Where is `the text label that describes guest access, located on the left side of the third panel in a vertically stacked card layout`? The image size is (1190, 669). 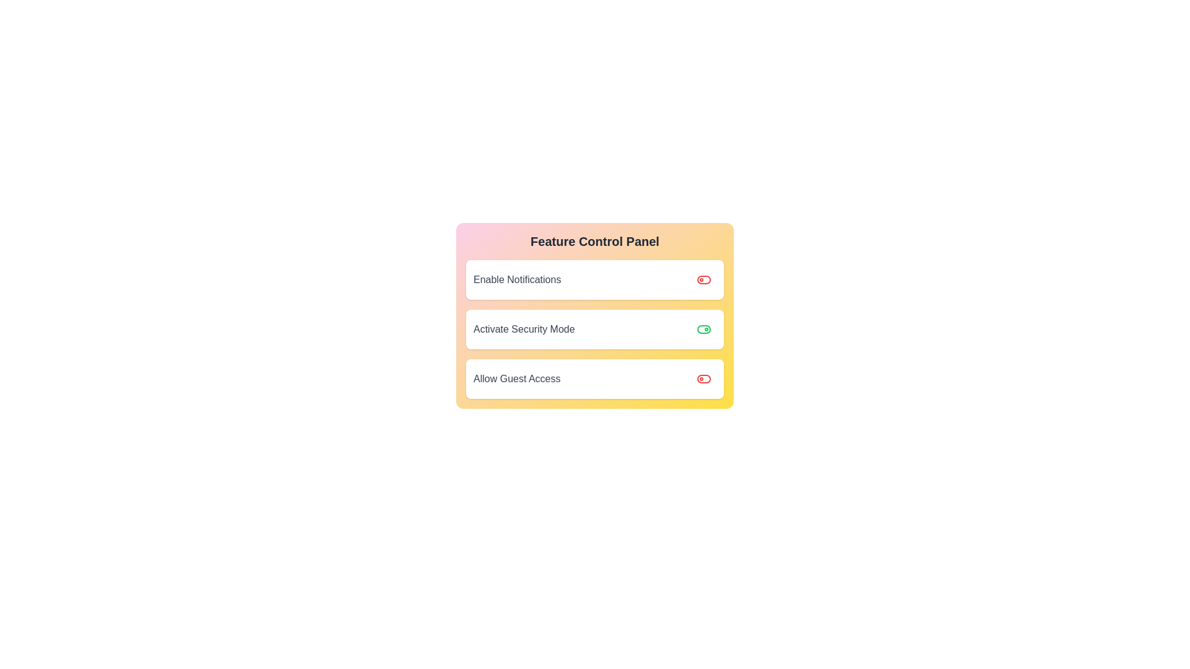
the text label that describes guest access, located on the left side of the third panel in a vertically stacked card layout is located at coordinates (517, 378).